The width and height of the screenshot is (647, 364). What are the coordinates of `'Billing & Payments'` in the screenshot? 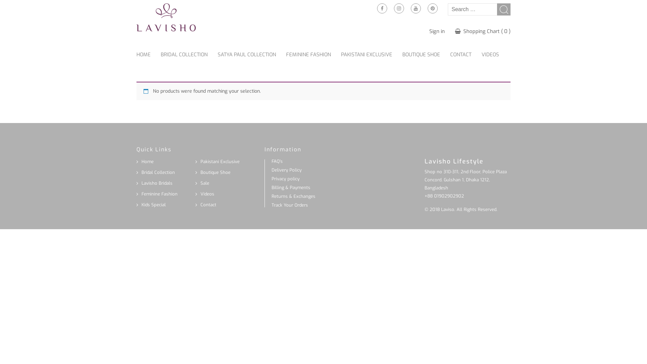 It's located at (291, 187).